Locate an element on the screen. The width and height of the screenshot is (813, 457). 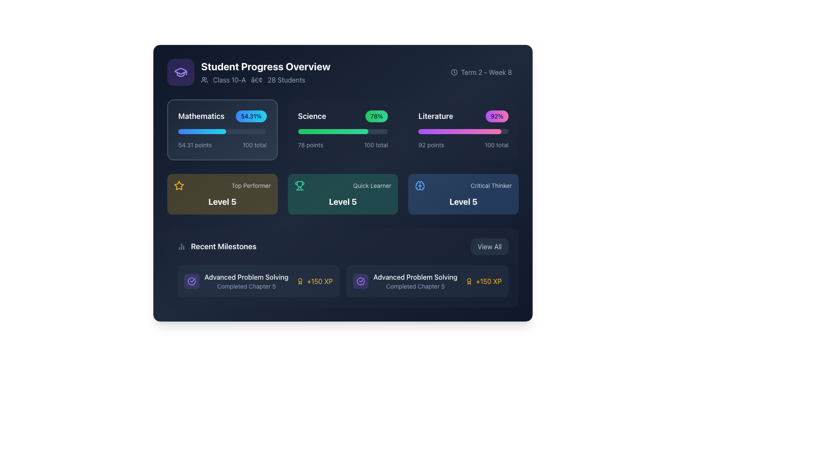
the yellow outlined star icon indicating achievement, located in the top left section of the 'Top Performer' card, accompanying the text 'Top Performer Level 5' is located at coordinates (178, 185).